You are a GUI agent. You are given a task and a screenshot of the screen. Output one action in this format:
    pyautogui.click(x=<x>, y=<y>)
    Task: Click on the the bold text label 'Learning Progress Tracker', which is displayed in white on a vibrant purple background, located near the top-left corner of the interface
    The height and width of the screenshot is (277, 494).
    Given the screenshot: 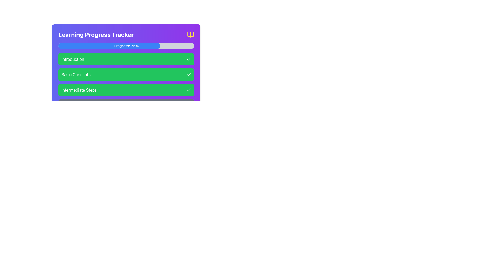 What is the action you would take?
    pyautogui.click(x=96, y=35)
    